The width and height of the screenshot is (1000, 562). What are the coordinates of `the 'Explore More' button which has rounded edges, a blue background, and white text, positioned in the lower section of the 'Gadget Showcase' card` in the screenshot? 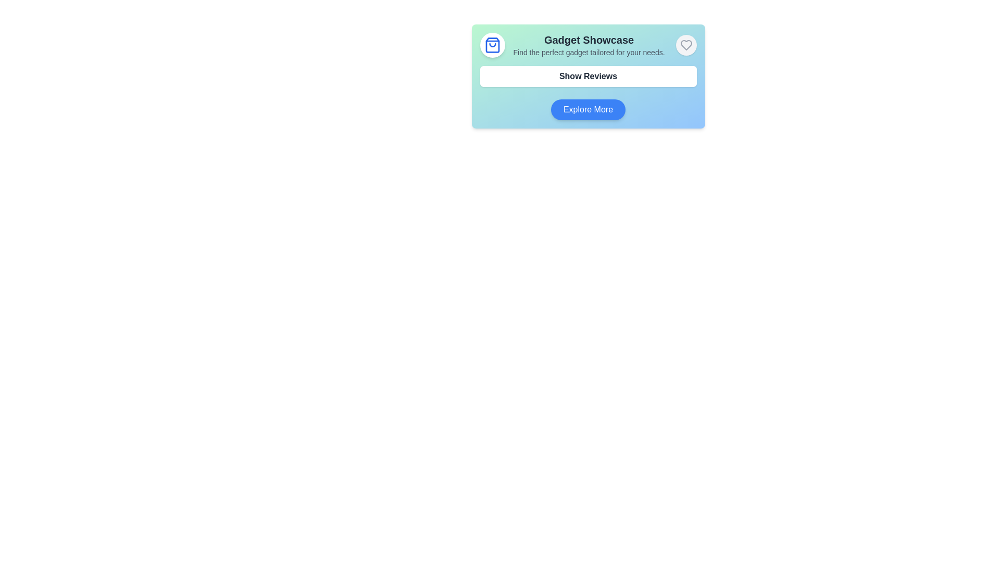 It's located at (588, 110).